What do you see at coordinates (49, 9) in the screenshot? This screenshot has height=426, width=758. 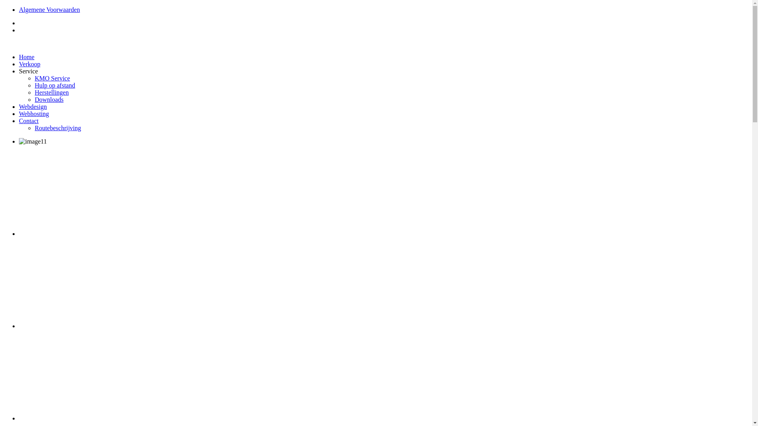 I see `'Algemene Voorwaarden'` at bounding box center [49, 9].